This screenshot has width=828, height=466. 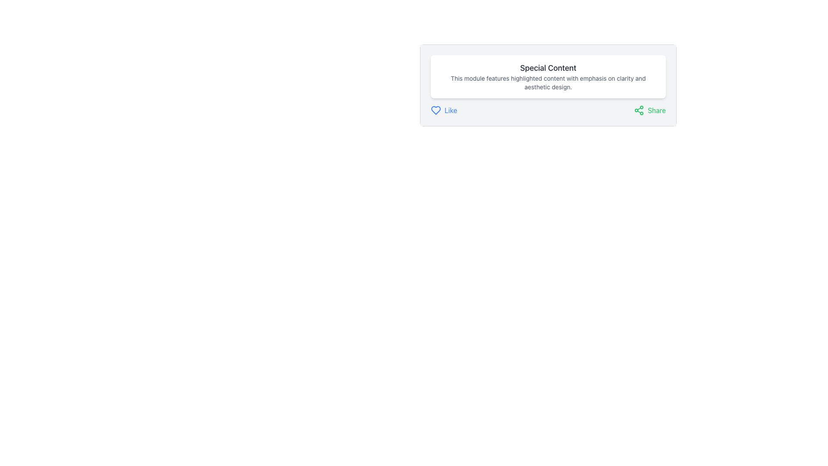 I want to click on the network or sharing icon, which consists of three filled circles connected by lines in green, located to the left of the 'Share' button in the button group at the bottom right of the 'Special Content' card, so click(x=639, y=110).